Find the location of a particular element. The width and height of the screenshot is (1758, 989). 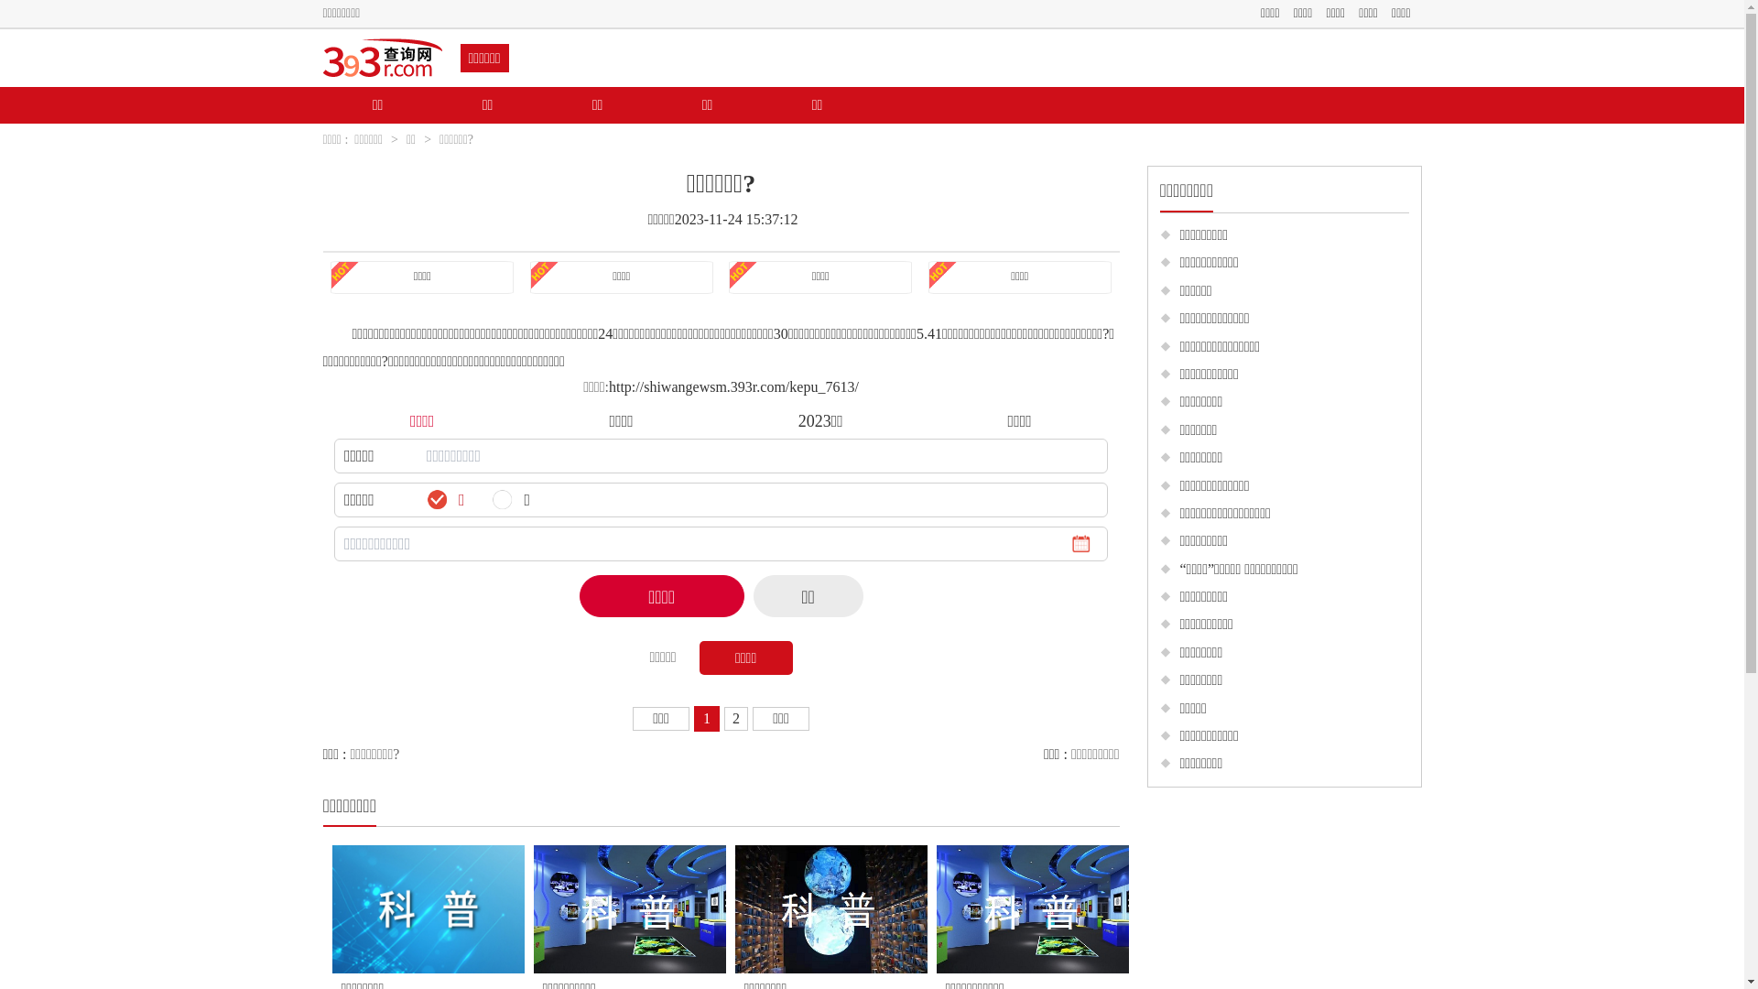

'http://shiwangewsm.393r.com/kepu_7613/' is located at coordinates (733, 386).